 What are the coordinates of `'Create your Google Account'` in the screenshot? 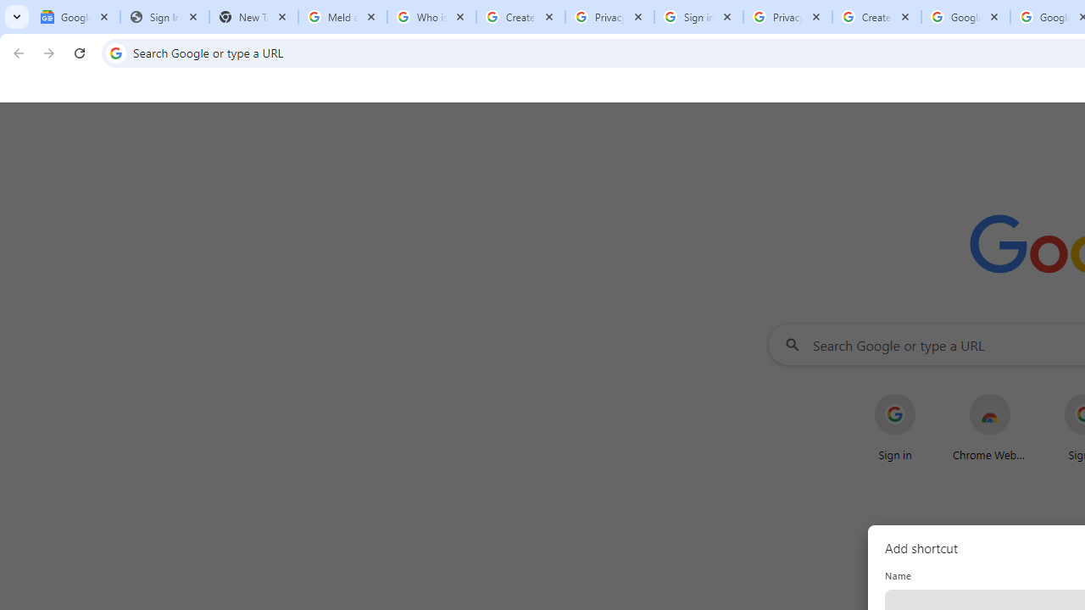 It's located at (876, 17).